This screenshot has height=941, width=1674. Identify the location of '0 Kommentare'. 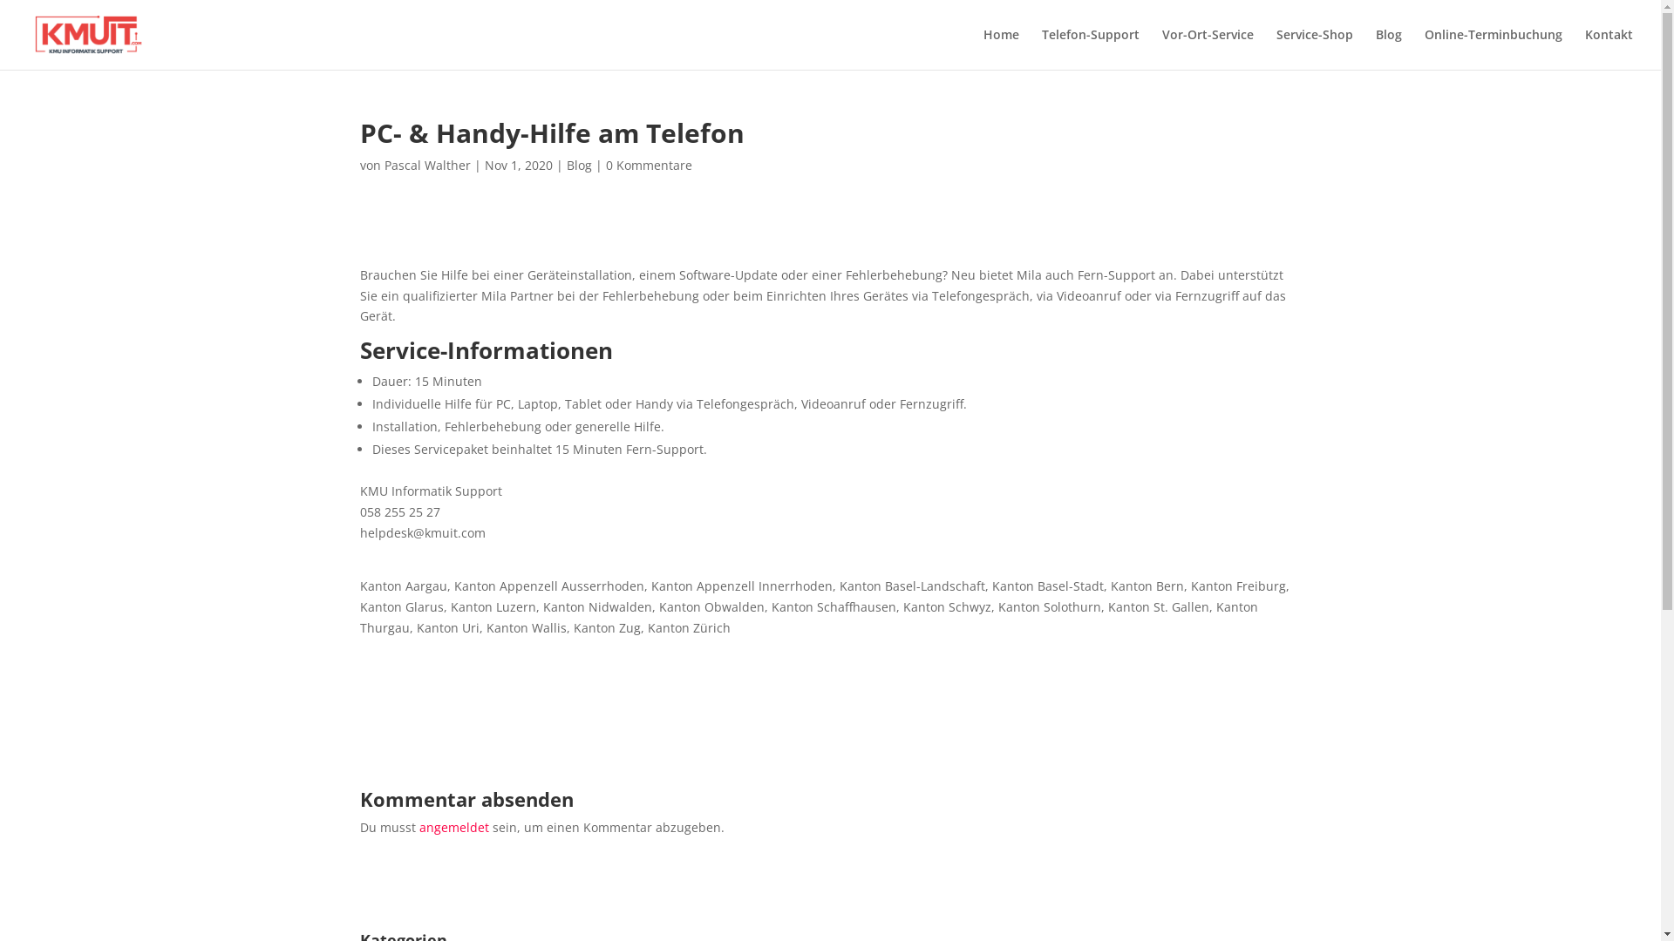
(605, 165).